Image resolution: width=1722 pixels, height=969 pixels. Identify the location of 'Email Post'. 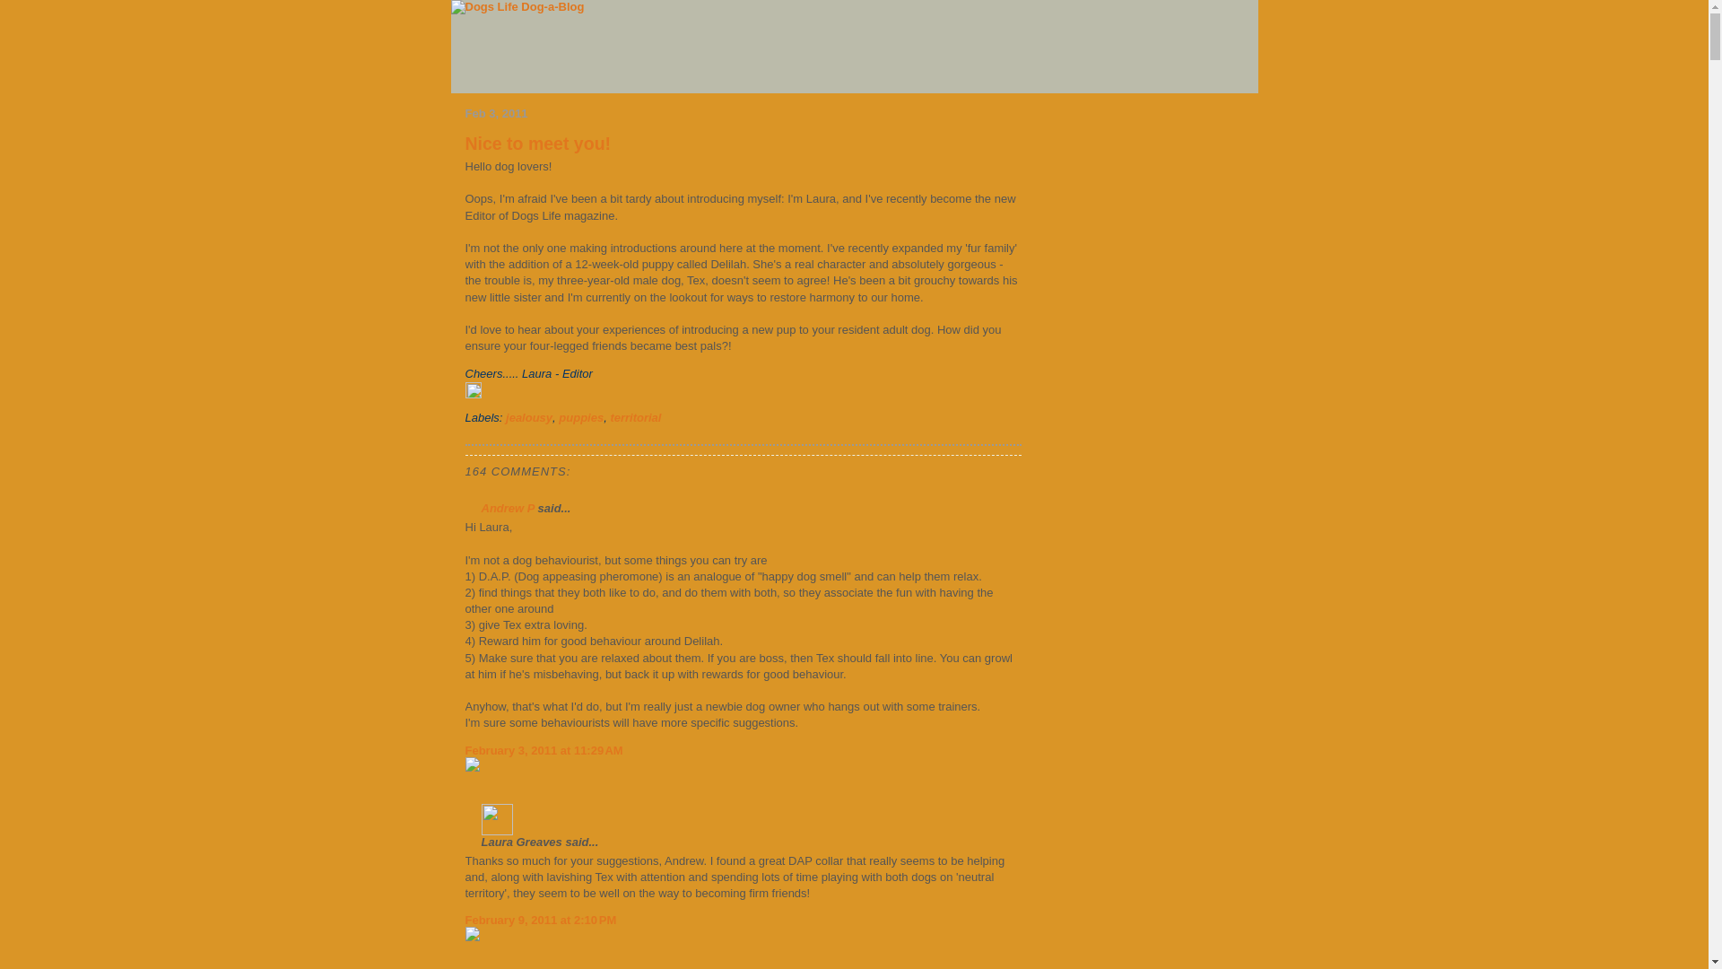
(597, 372).